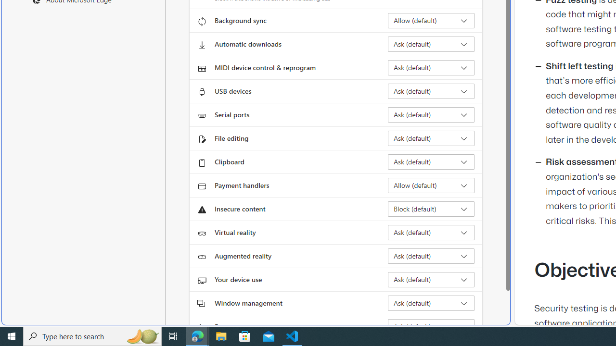 Image resolution: width=616 pixels, height=346 pixels. What do you see at coordinates (431, 67) in the screenshot?
I see `'MIDI device control & reprogram Ask (default)'` at bounding box center [431, 67].